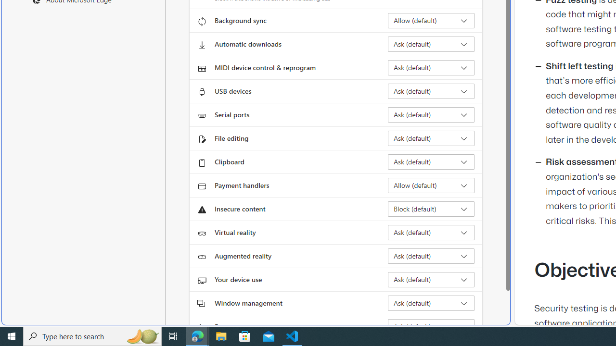 Image resolution: width=616 pixels, height=346 pixels. What do you see at coordinates (431, 67) in the screenshot?
I see `'MIDI device control & reprogram Ask (default)'` at bounding box center [431, 67].